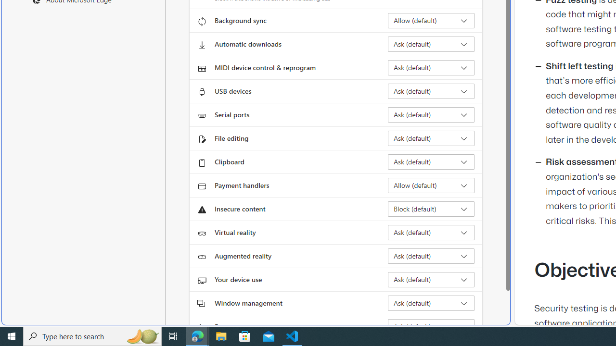 Image resolution: width=616 pixels, height=346 pixels. What do you see at coordinates (431, 67) in the screenshot?
I see `'MIDI device control & reprogram Ask (default)'` at bounding box center [431, 67].